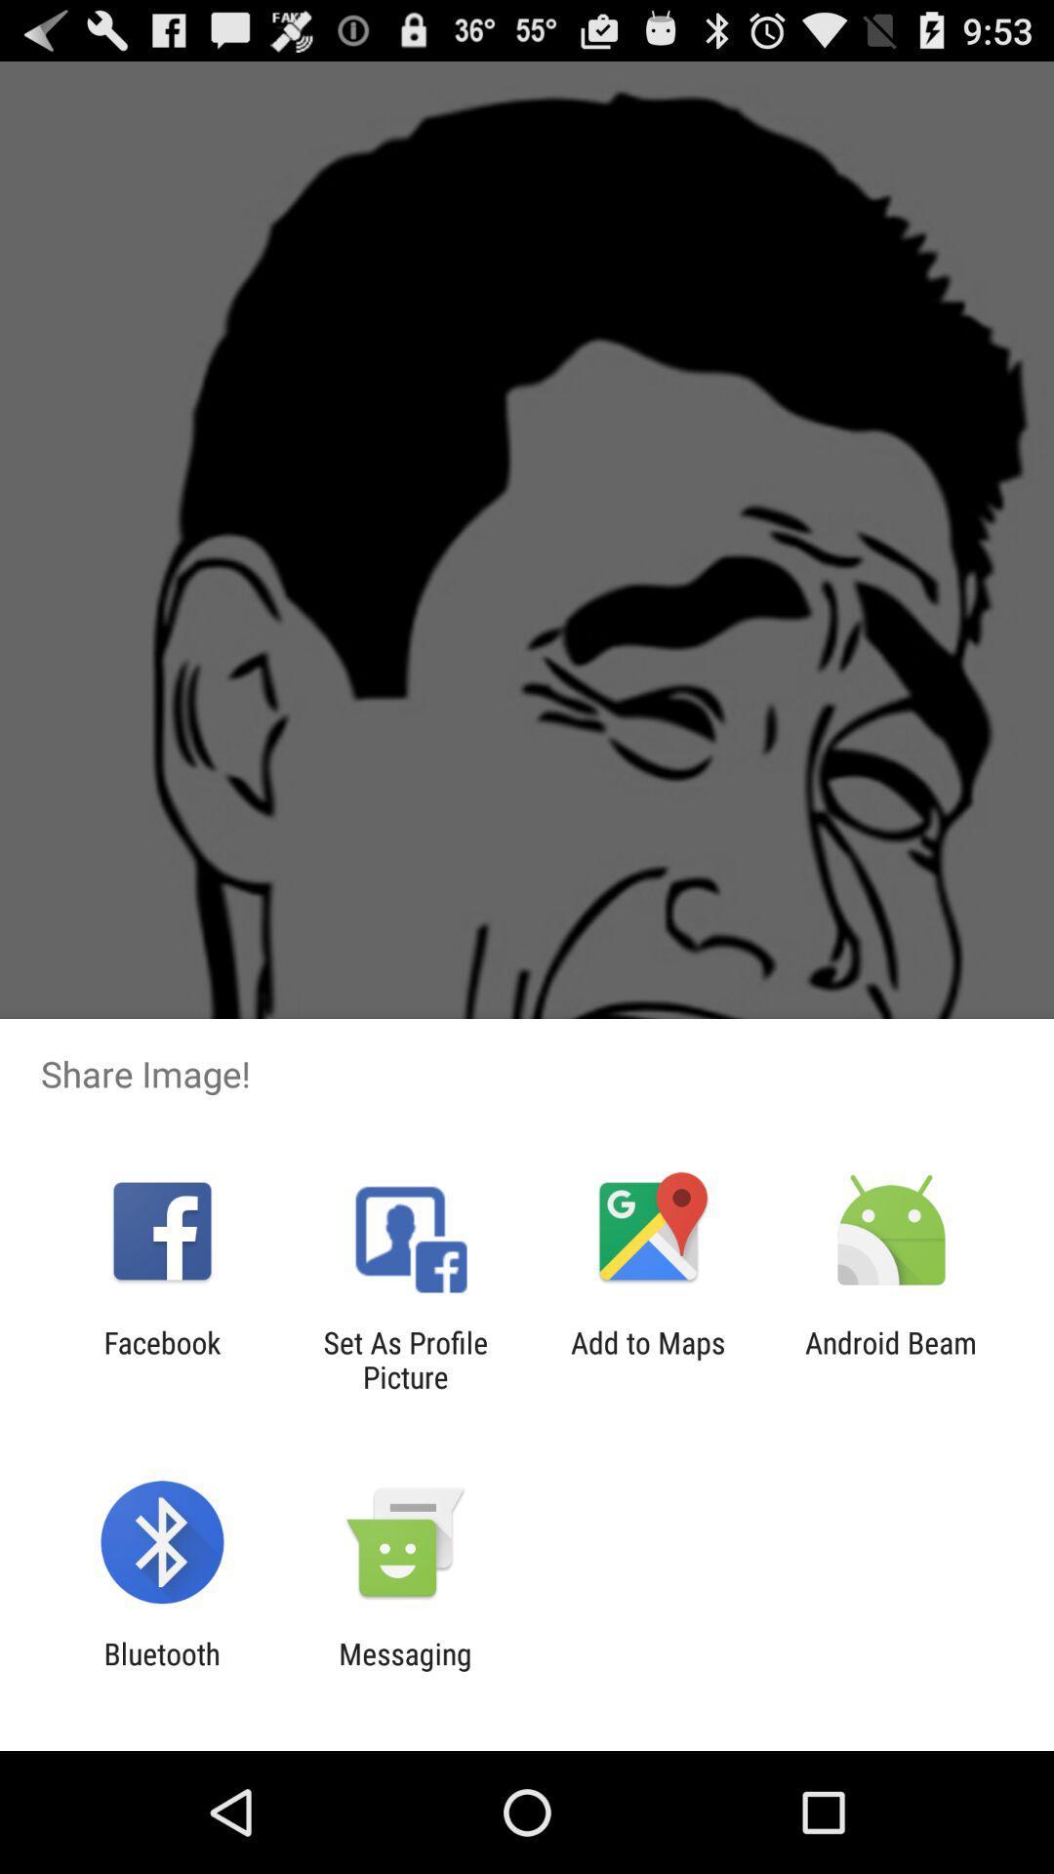 This screenshot has height=1874, width=1054. What do you see at coordinates (161, 1359) in the screenshot?
I see `app to the left of set as profile` at bounding box center [161, 1359].